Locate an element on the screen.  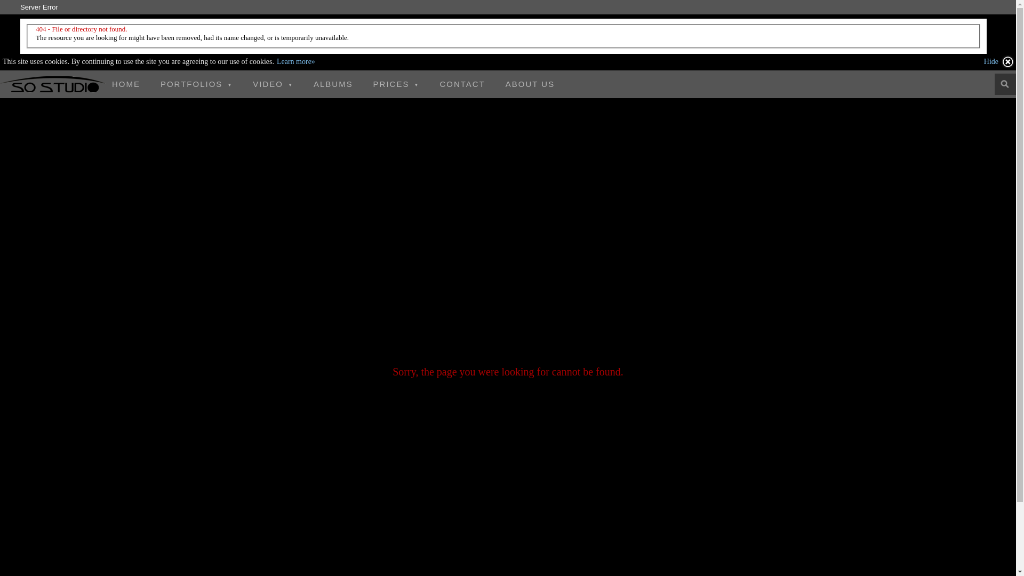
'ABOUT US' is located at coordinates (530, 84).